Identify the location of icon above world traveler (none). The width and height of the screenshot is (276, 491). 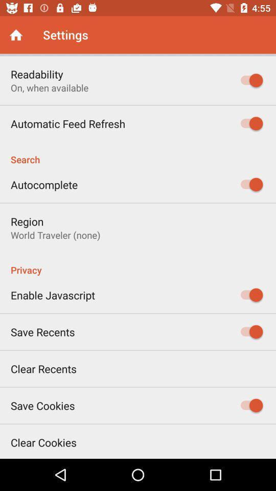
(27, 221).